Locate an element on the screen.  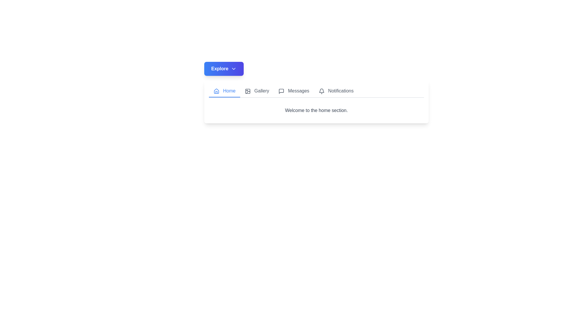
the 'Home' navigation tab icon, which is positioned to the left of the 'Home' text label in the top navigation bar is located at coordinates (216, 91).